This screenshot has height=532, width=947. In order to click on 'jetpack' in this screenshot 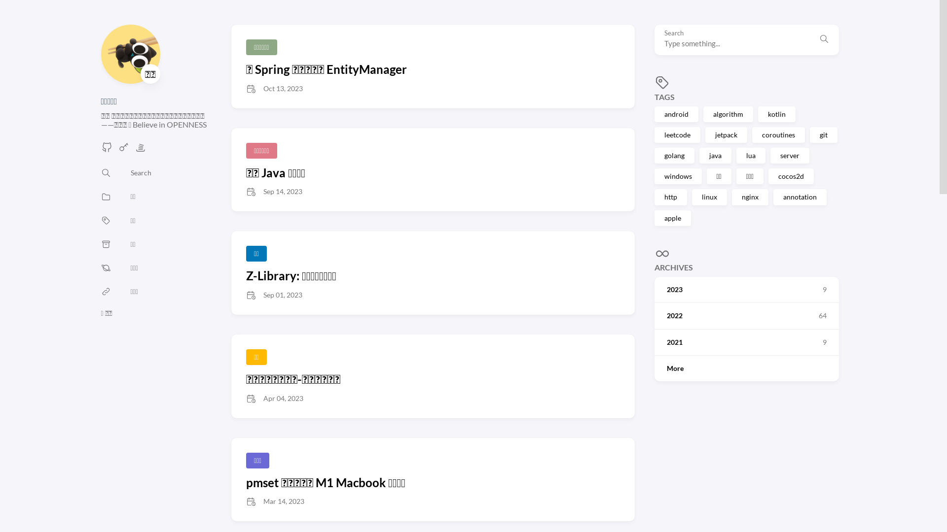, I will do `click(705, 134)`.